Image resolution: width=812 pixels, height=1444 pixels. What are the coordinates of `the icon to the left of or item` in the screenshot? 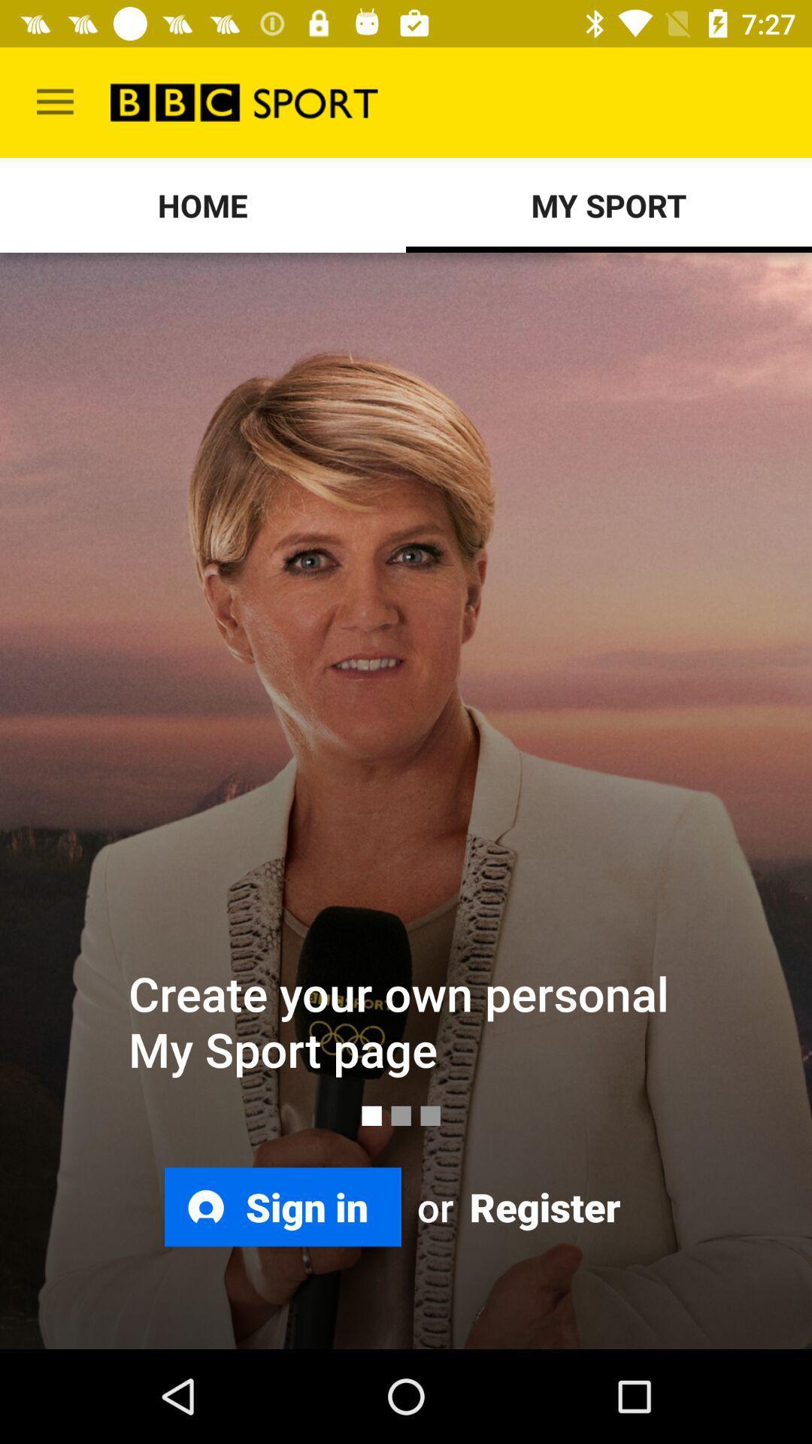 It's located at (283, 1206).